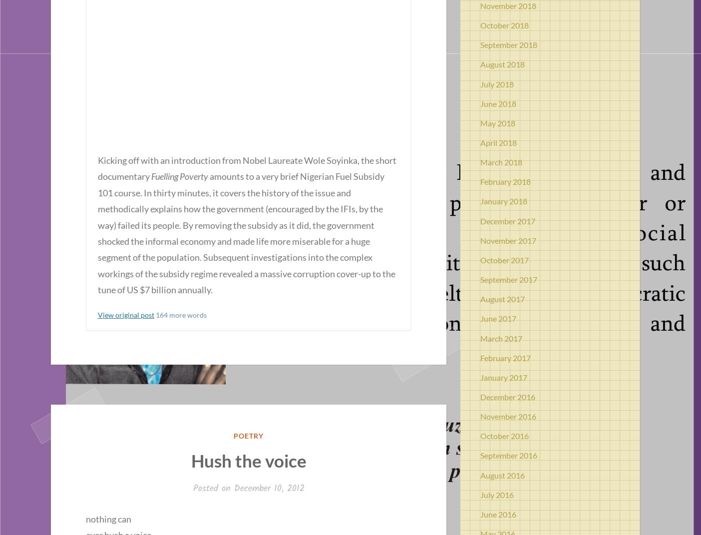  What do you see at coordinates (505, 181) in the screenshot?
I see `'February 2018'` at bounding box center [505, 181].